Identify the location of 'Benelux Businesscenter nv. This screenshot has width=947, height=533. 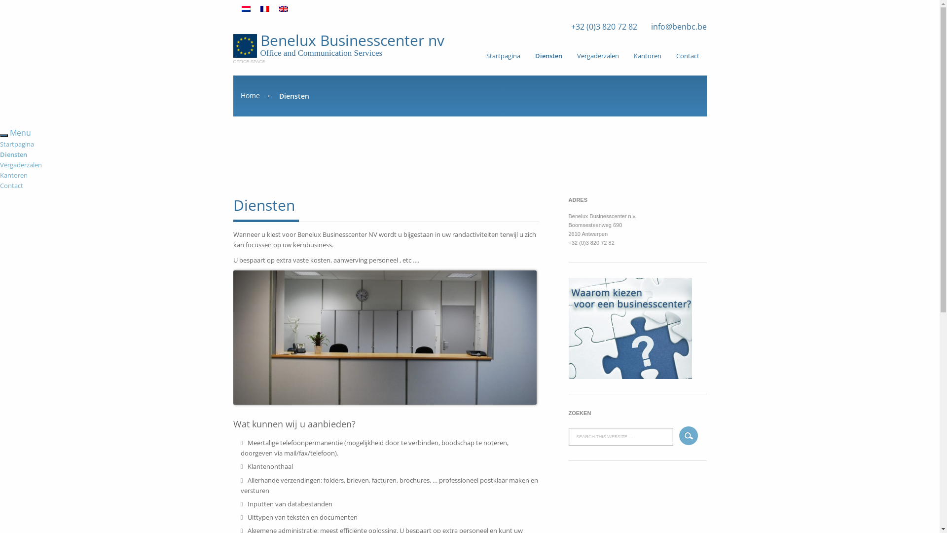
(232, 45).